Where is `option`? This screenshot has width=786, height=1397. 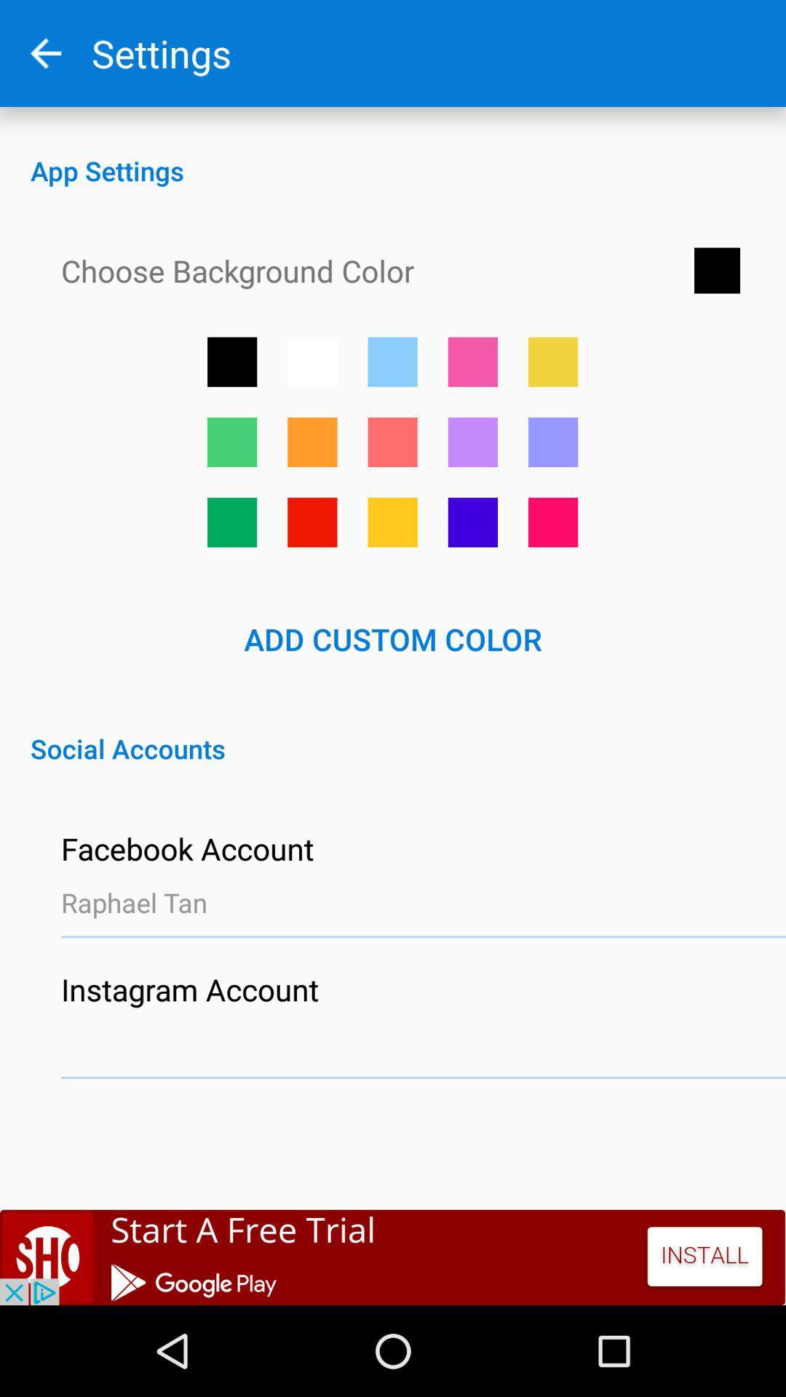 option is located at coordinates (311, 522).